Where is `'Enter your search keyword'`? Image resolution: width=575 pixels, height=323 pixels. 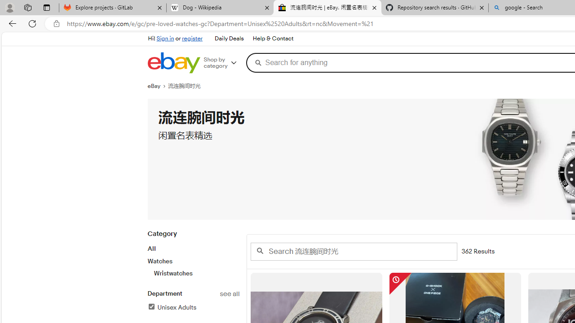 'Enter your search keyword' is located at coordinates (353, 251).